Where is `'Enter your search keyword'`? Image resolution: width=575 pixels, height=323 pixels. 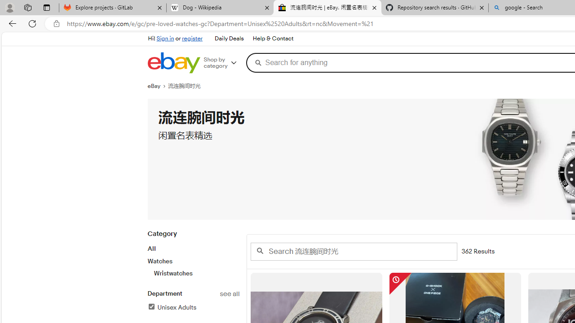 'Enter your search keyword' is located at coordinates (353, 251).